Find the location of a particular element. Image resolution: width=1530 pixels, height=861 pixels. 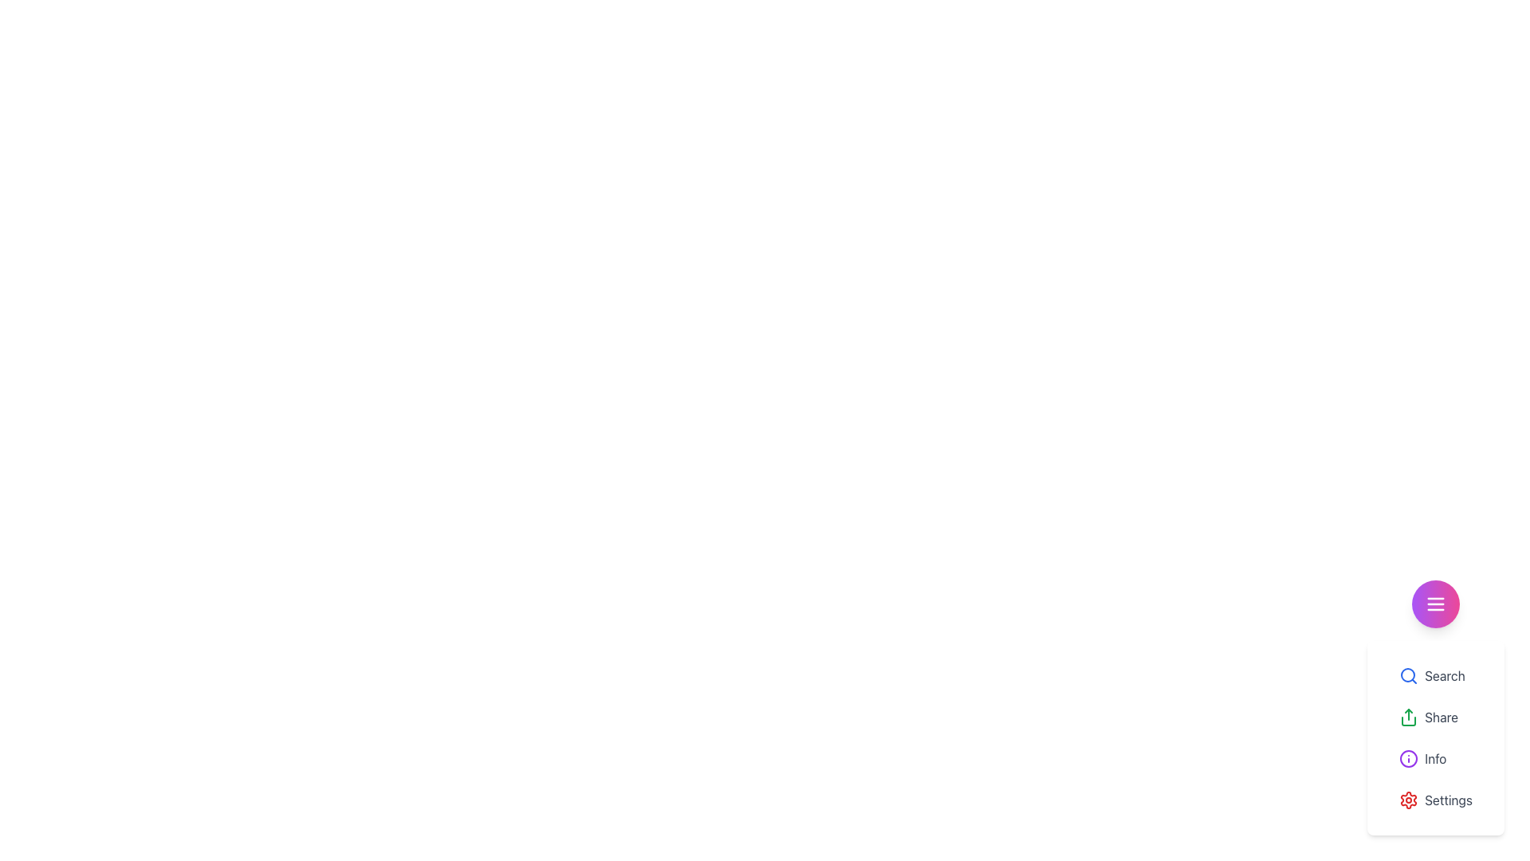

the circular button with a gradient background transitioning from purple to pink, featuring three white horizontal lines in the center is located at coordinates (1436, 604).